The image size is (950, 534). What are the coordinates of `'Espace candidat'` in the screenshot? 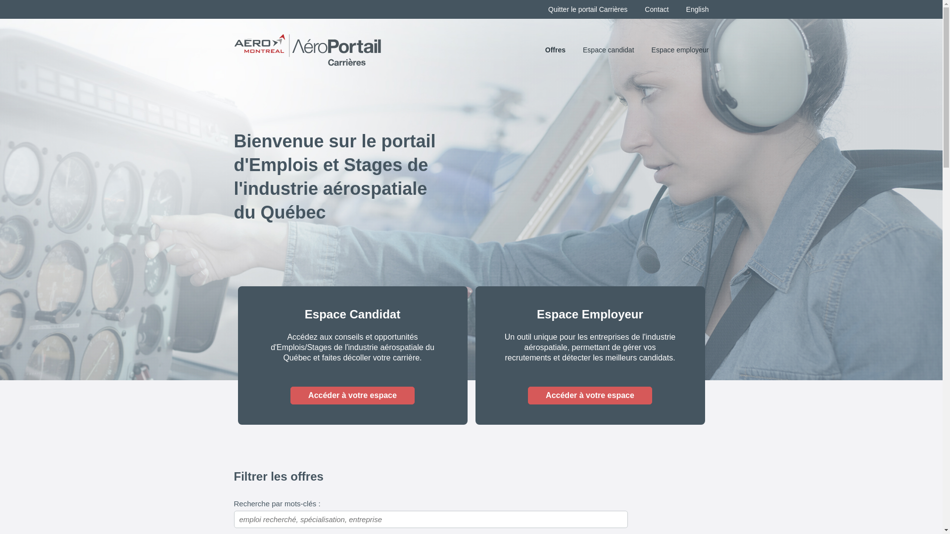 It's located at (608, 49).